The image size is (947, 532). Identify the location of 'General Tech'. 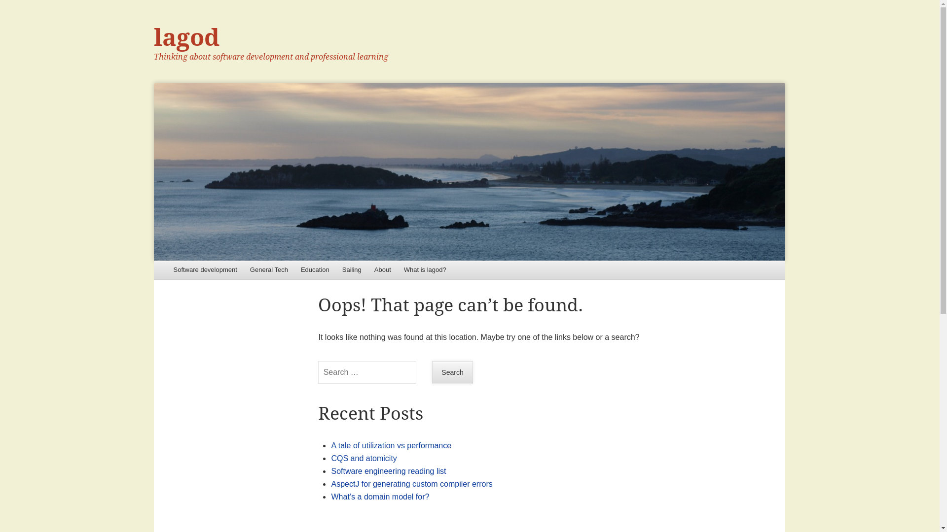
(269, 270).